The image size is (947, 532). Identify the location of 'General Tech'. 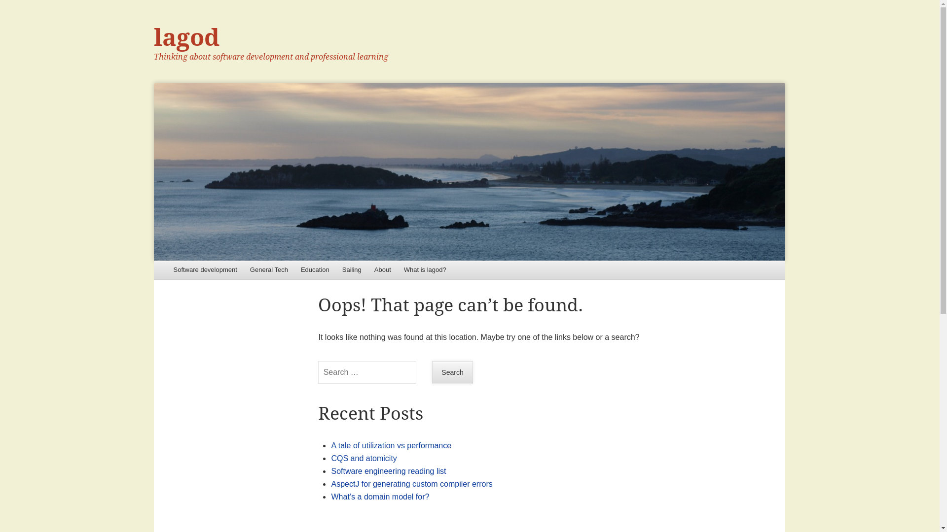
(269, 270).